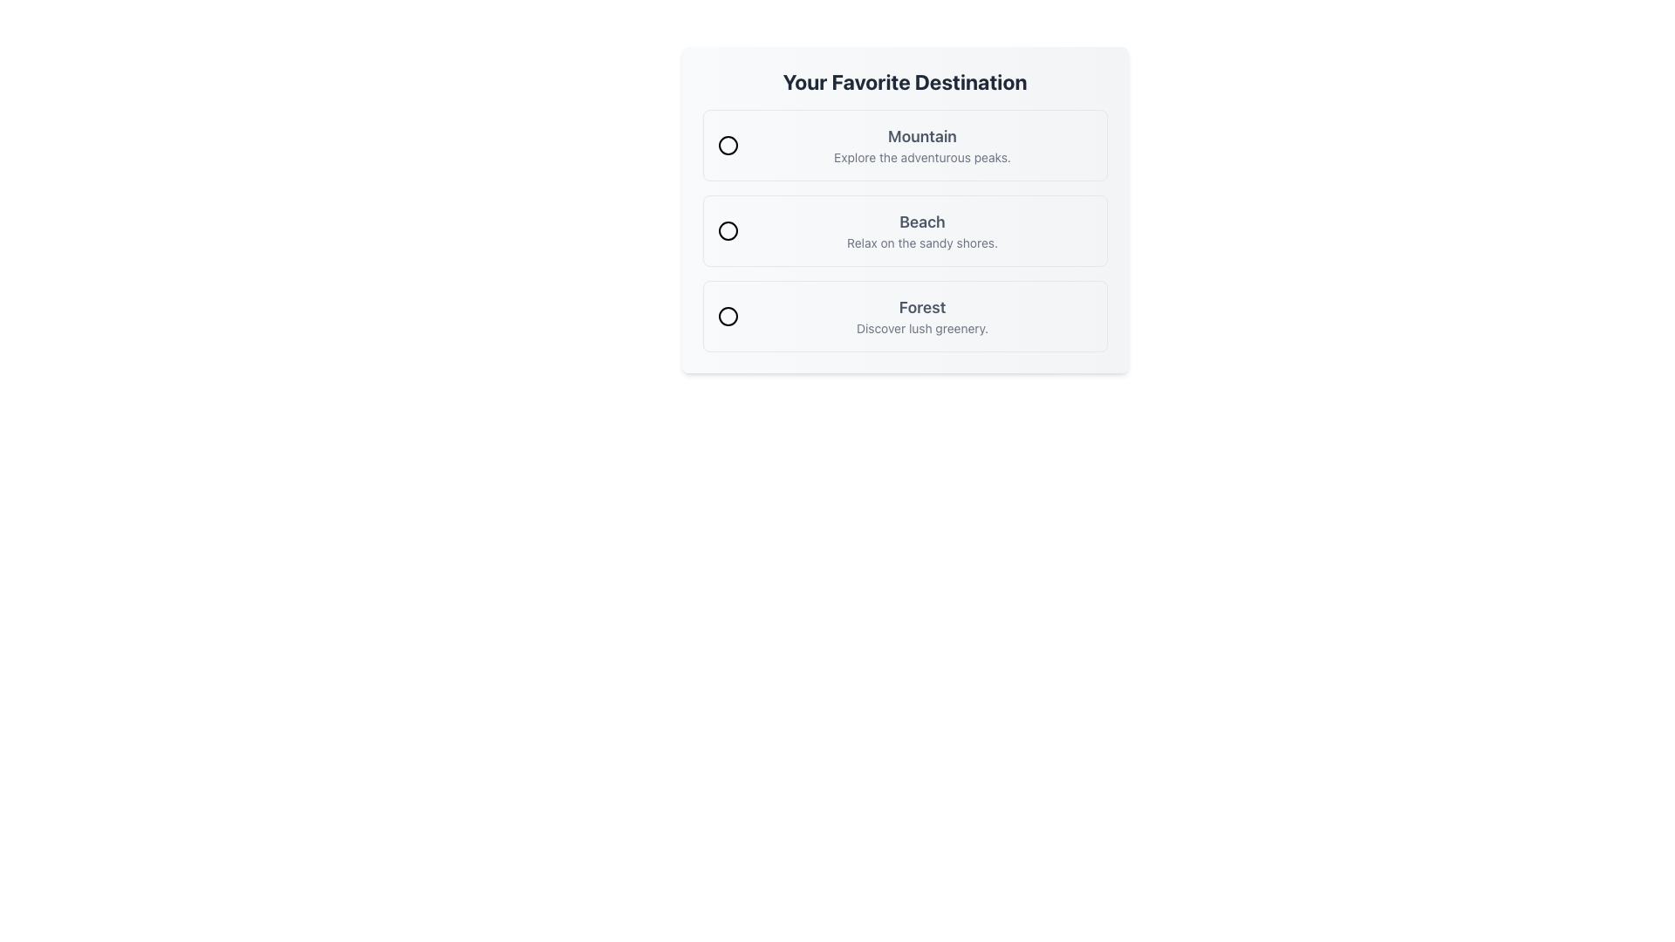  What do you see at coordinates (905, 230) in the screenshot?
I see `the second radio button option in the 'Your Favorite Destination' group` at bounding box center [905, 230].